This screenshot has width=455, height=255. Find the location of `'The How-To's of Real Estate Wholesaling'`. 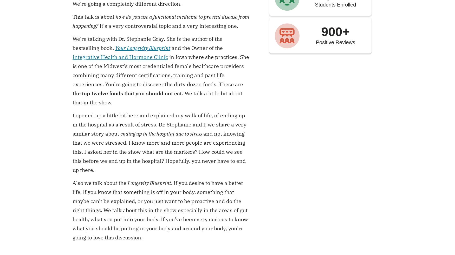

'The How-To's of Real Estate Wholesaling' is located at coordinates (423, 200).